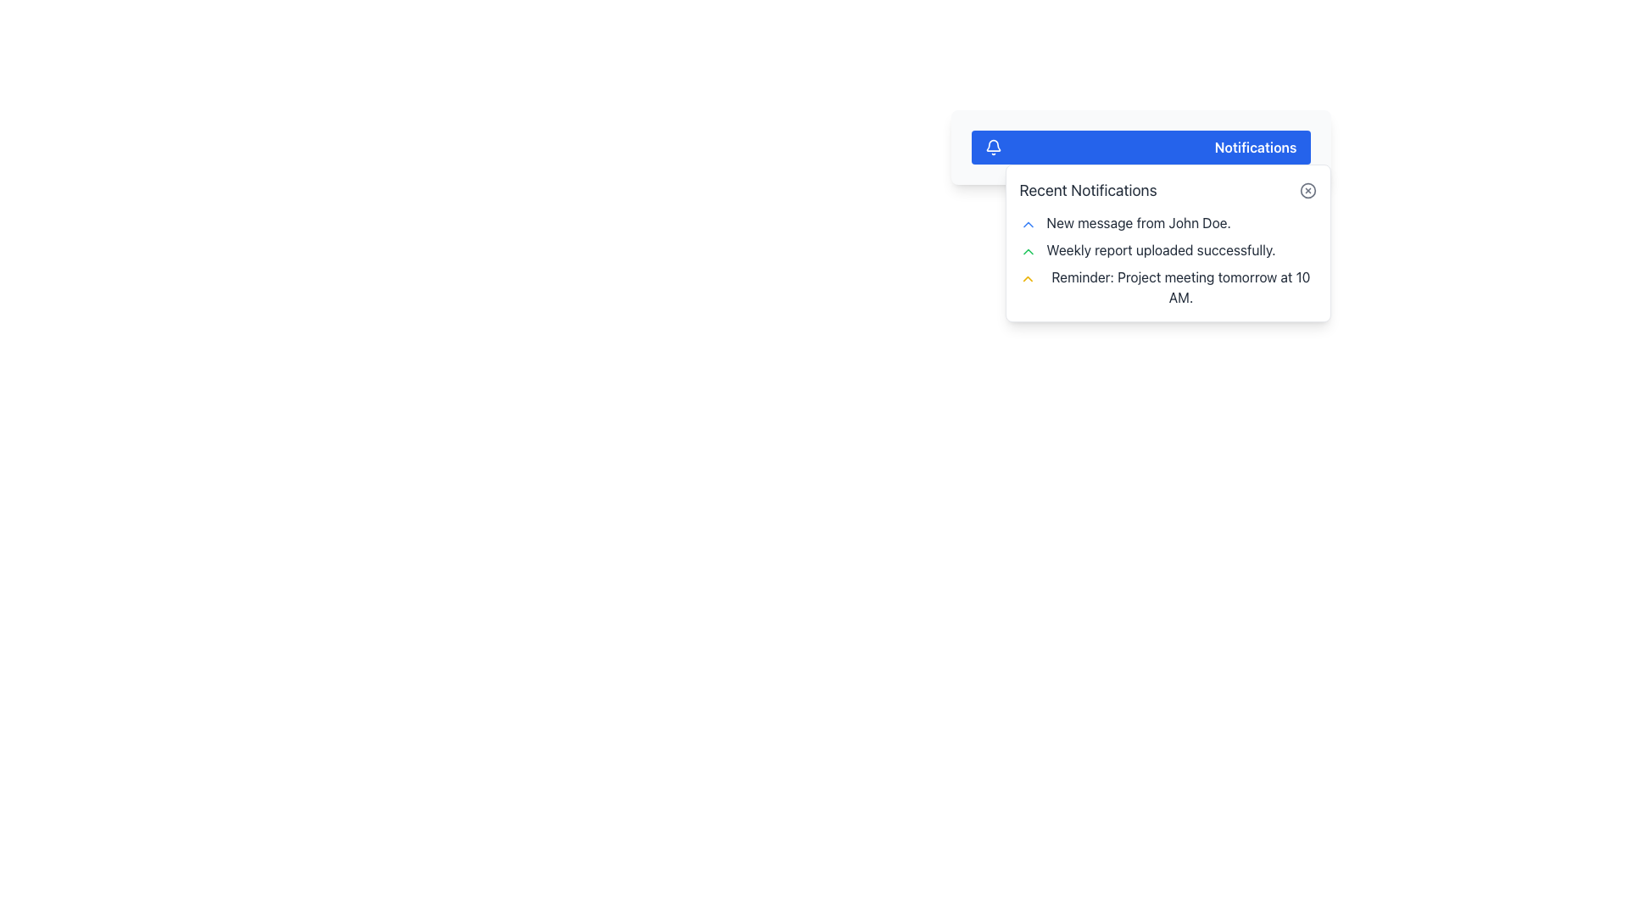 The width and height of the screenshot is (1628, 916). I want to click on the topmost notification item in the 'Recent Notifications' panel, so click(1167, 221).